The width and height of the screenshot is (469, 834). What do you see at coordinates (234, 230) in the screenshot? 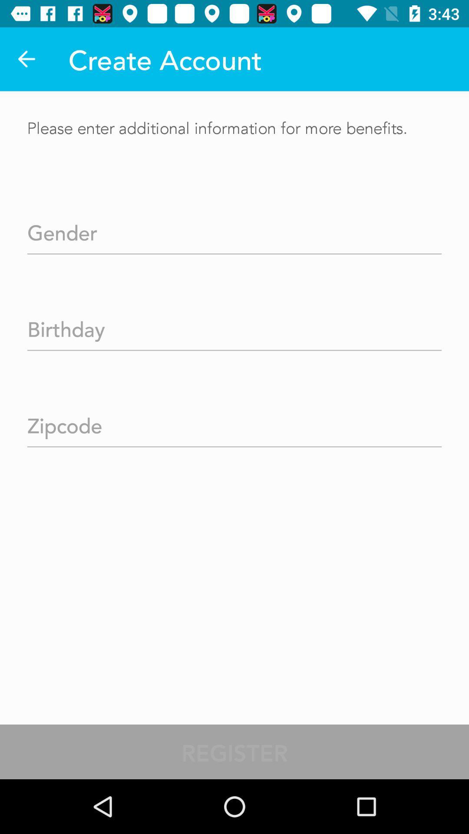
I see `your gender` at bounding box center [234, 230].